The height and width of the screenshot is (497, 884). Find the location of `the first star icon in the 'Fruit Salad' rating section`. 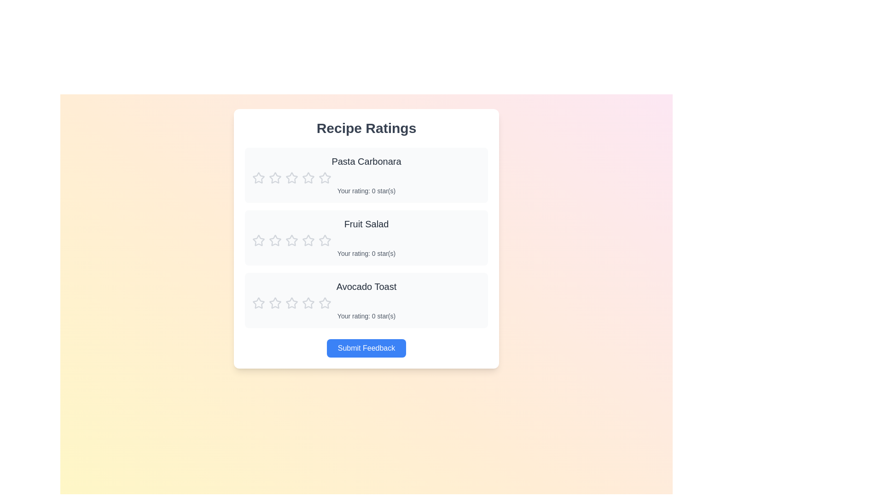

the first star icon in the 'Fruit Salad' rating section is located at coordinates (275, 240).